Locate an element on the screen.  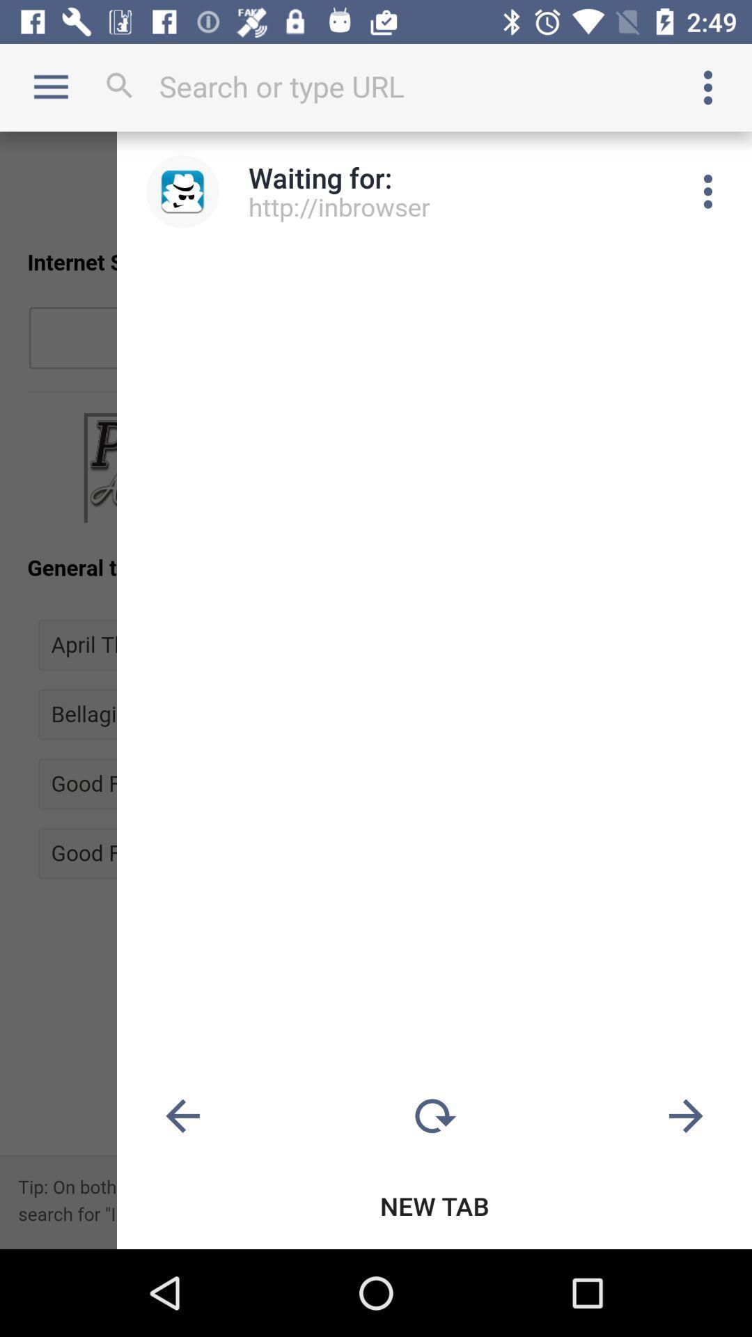
item next to waiting for: icon is located at coordinates (182, 191).